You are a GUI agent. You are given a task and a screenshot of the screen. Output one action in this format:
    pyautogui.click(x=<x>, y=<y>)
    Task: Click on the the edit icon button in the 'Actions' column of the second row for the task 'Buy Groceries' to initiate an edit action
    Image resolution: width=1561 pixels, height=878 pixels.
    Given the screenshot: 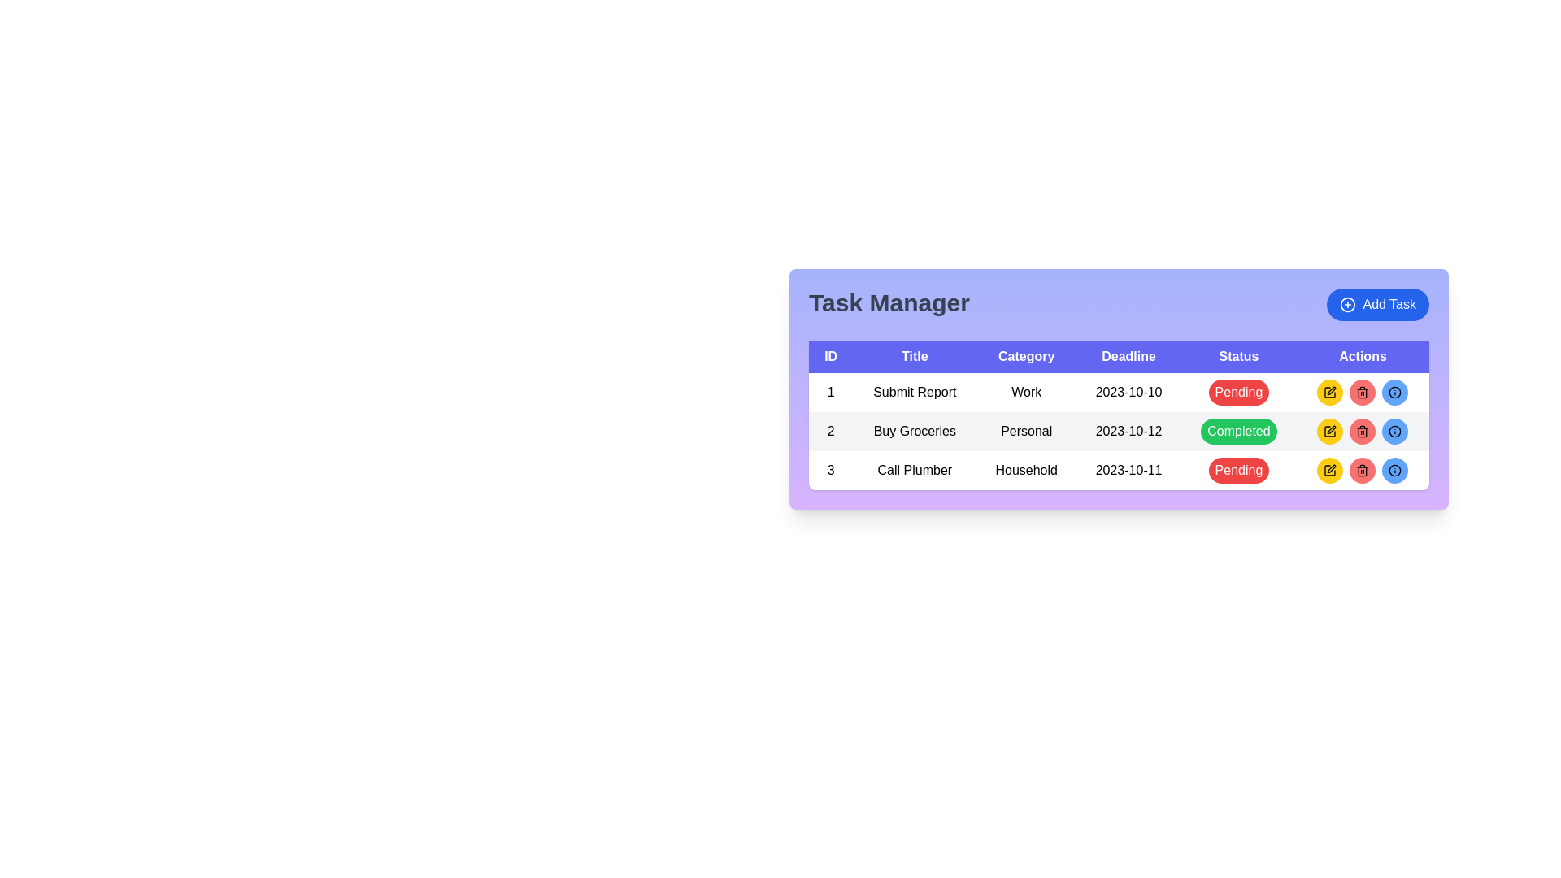 What is the action you would take?
    pyautogui.click(x=1332, y=469)
    